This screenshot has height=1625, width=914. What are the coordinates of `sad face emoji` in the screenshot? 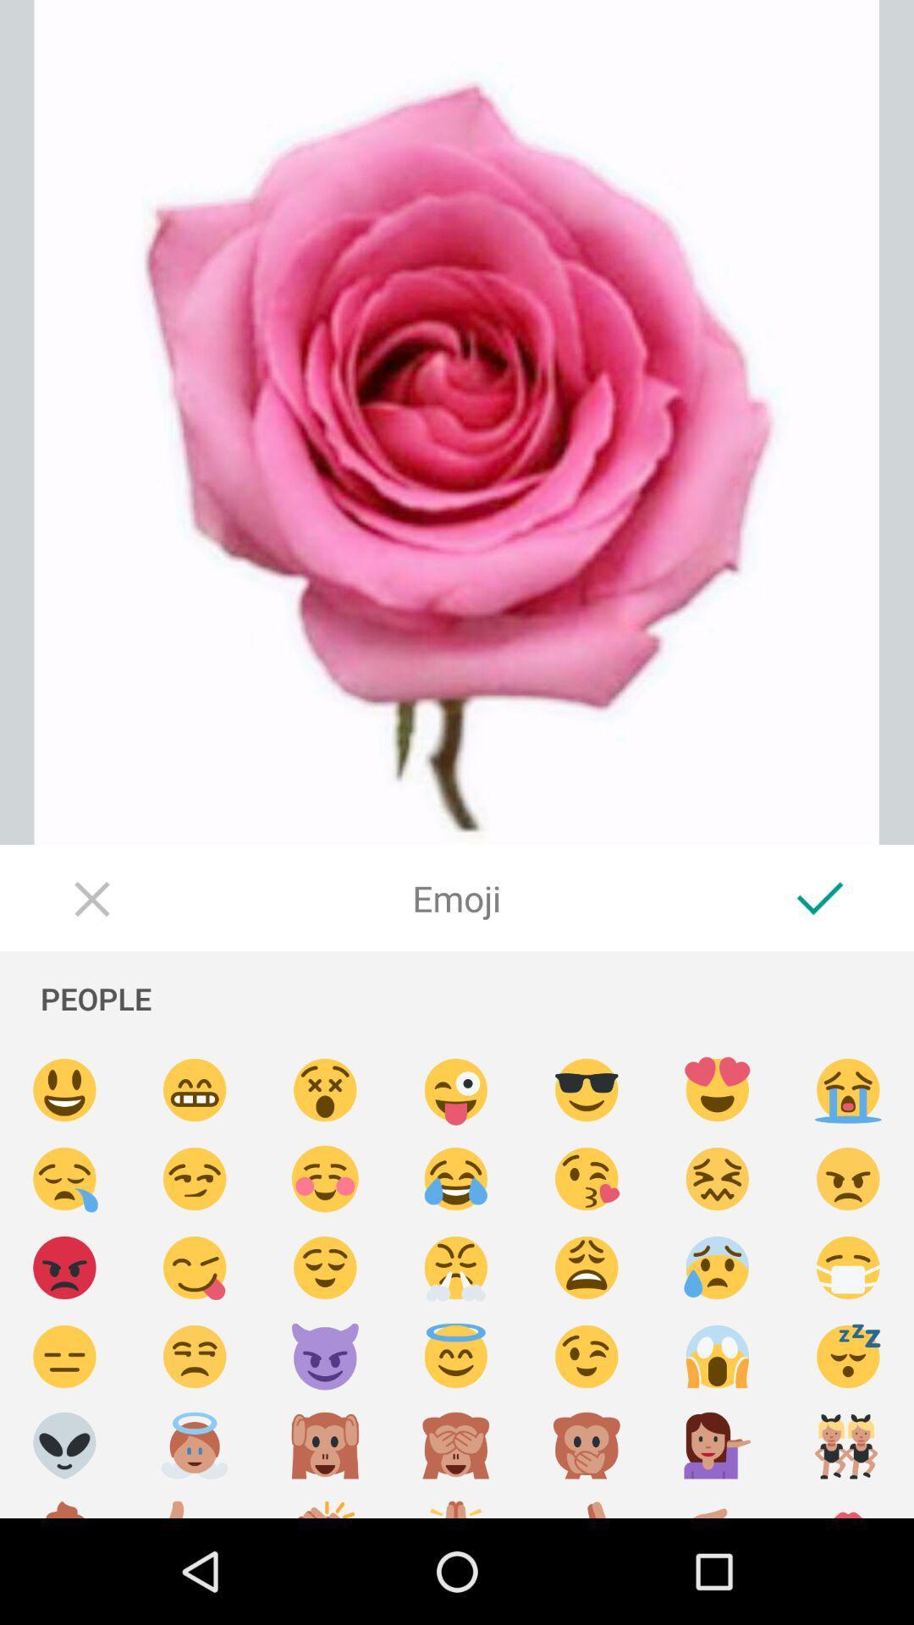 It's located at (718, 1268).